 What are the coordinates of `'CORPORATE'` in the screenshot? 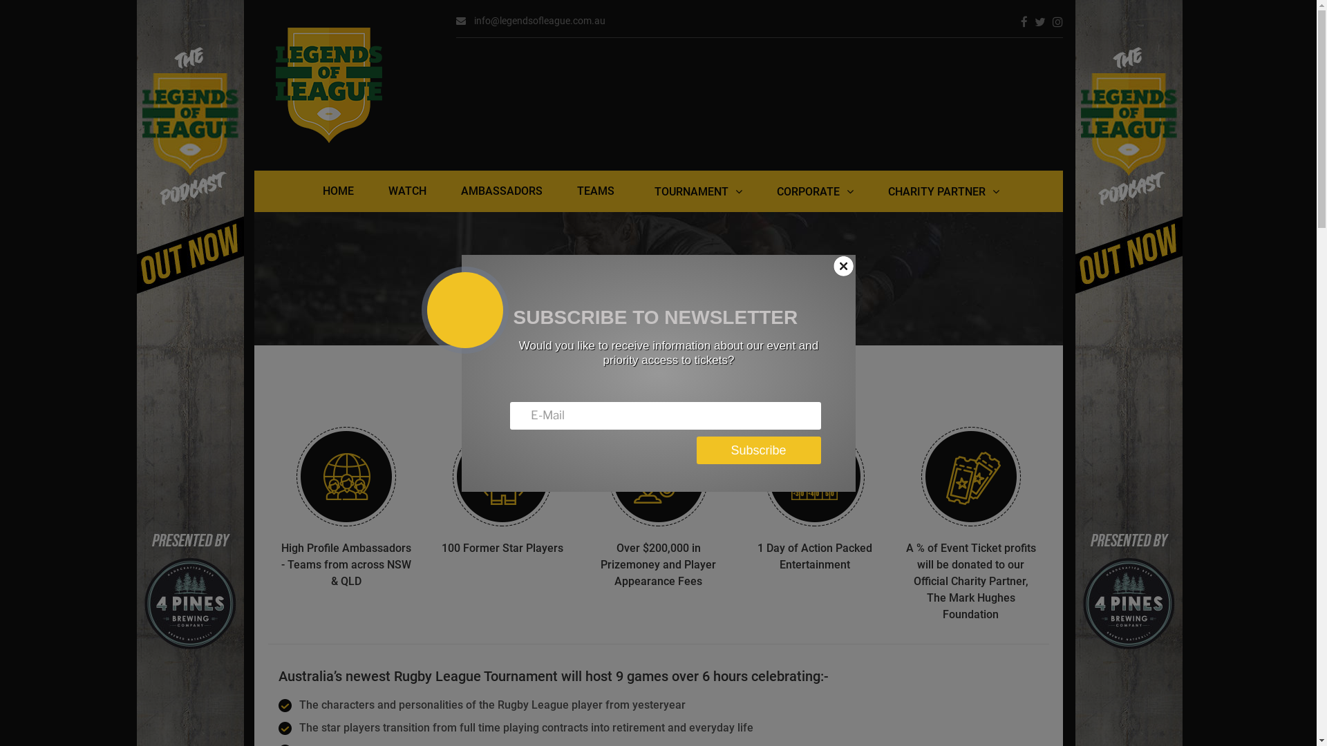 It's located at (815, 191).